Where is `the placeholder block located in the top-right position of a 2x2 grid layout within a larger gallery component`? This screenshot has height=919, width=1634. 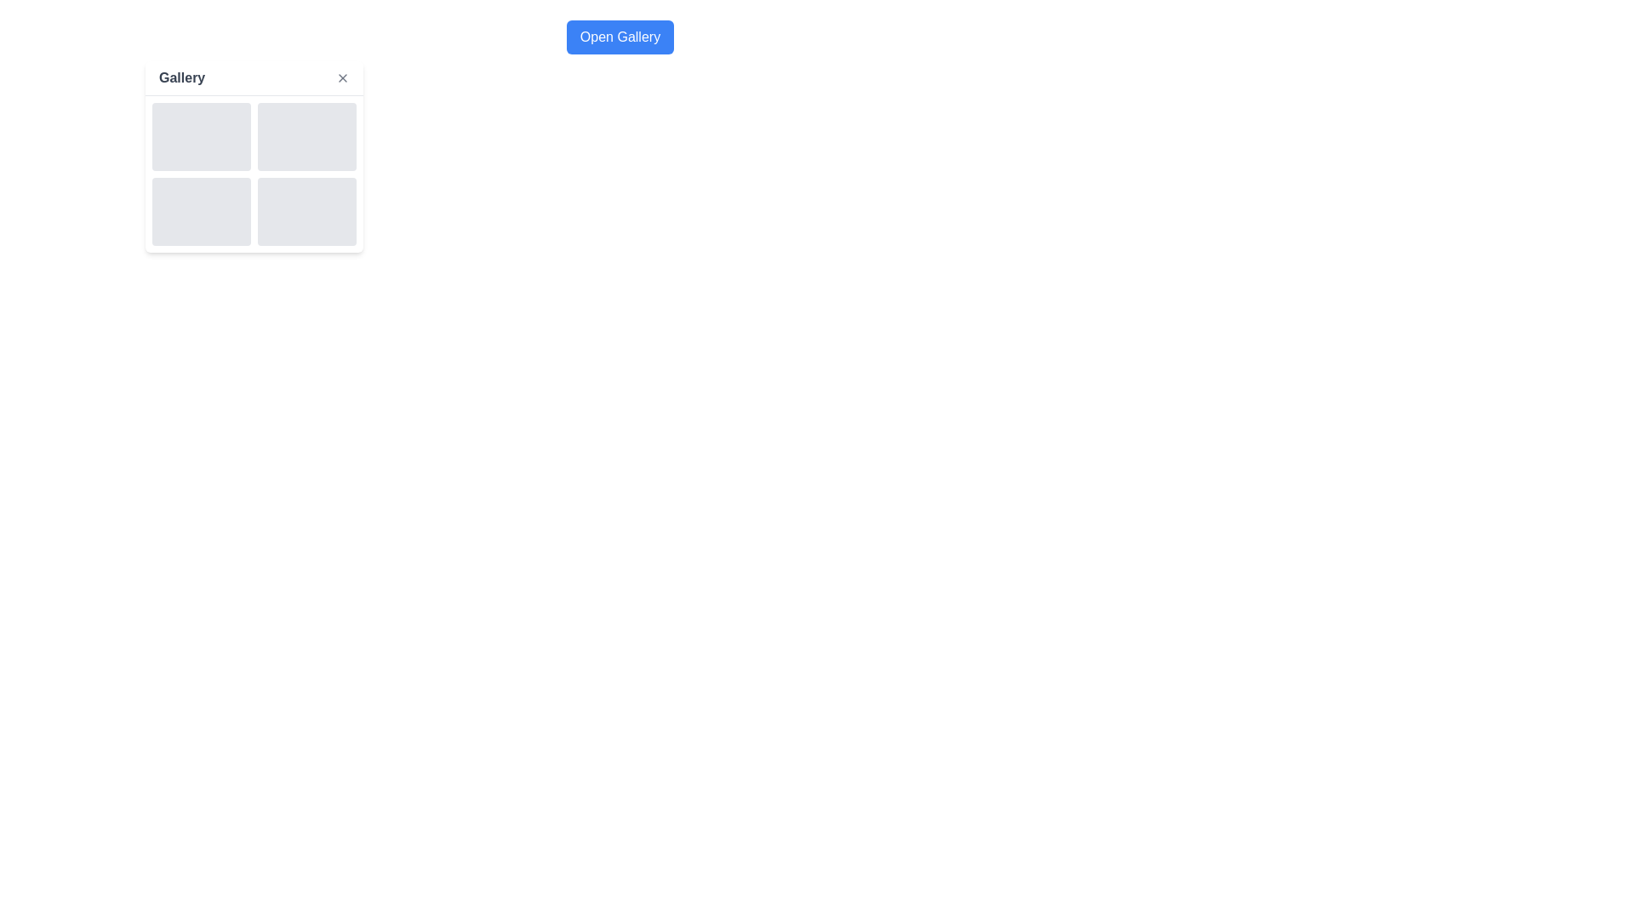
the placeholder block located in the top-right position of a 2x2 grid layout within a larger gallery component is located at coordinates (306, 136).